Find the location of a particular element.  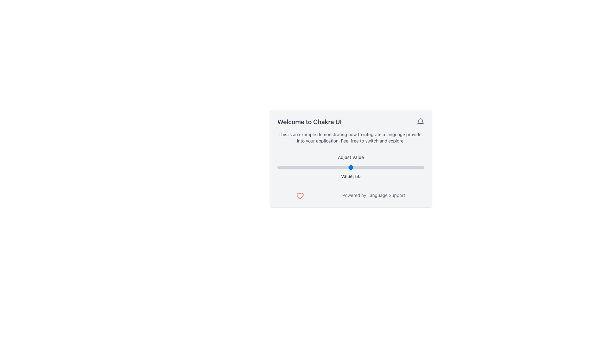

the leftmost decorative icon indicating a 'like' or 'favorite' feature located at the bottom of the main content card is located at coordinates (300, 195).